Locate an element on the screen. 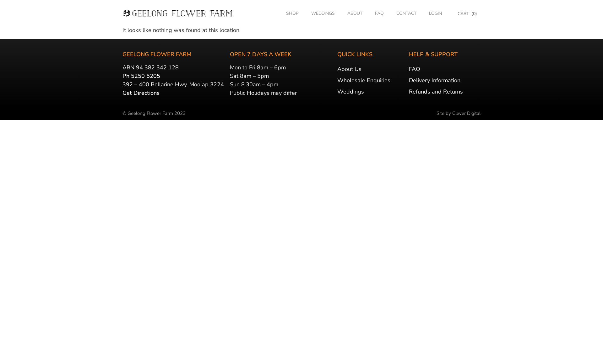  'Refunds and Returns' is located at coordinates (444, 92).